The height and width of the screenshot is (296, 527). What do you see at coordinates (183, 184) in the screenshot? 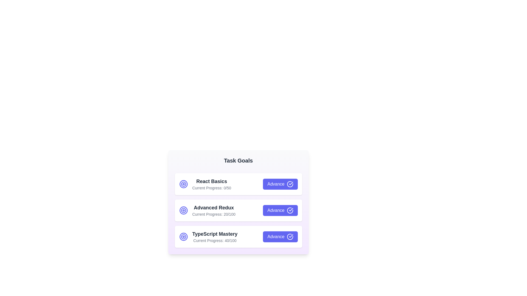
I see `the SVG Circle Component, which is the second of three concentric circles forming a target-like structure within the Task Goals card` at bounding box center [183, 184].